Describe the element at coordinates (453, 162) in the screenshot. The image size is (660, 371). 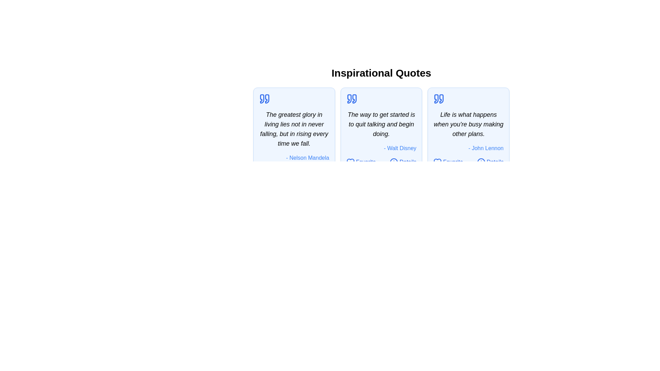
I see `the heart icon adjacent to the text label that denotes marking the quote by John Lennon as a favorite` at that location.